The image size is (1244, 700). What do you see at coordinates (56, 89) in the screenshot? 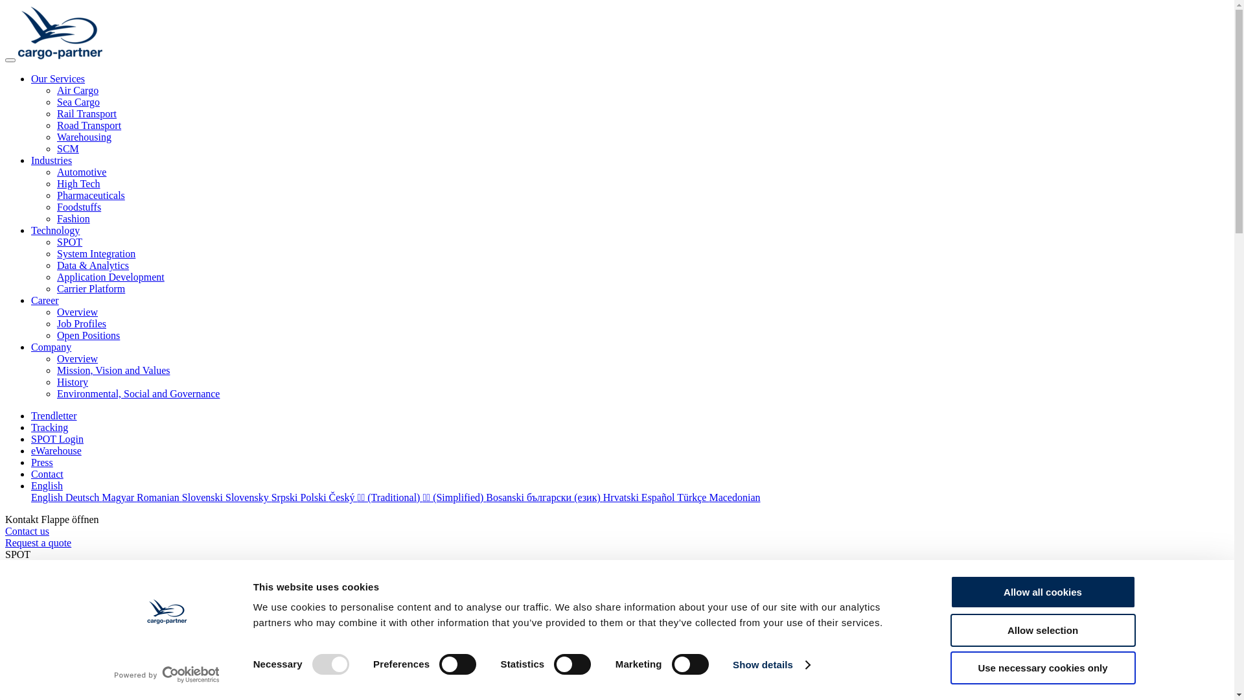
I see `'Air Cargo'` at bounding box center [56, 89].